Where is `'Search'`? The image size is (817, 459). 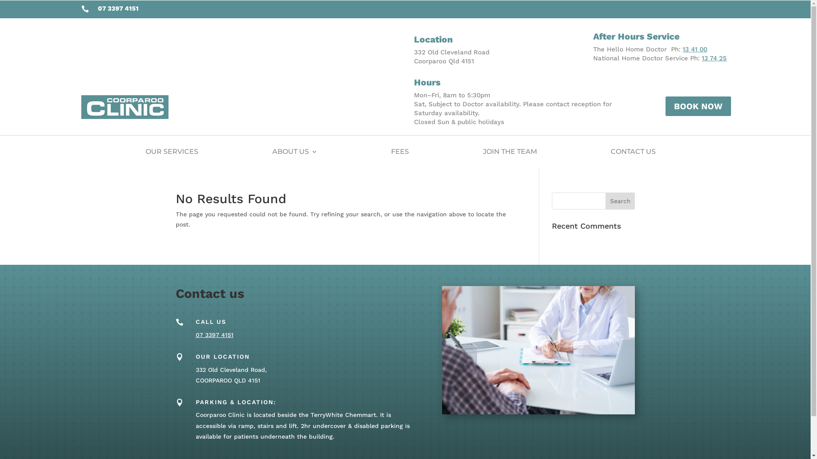
'Search' is located at coordinates (620, 201).